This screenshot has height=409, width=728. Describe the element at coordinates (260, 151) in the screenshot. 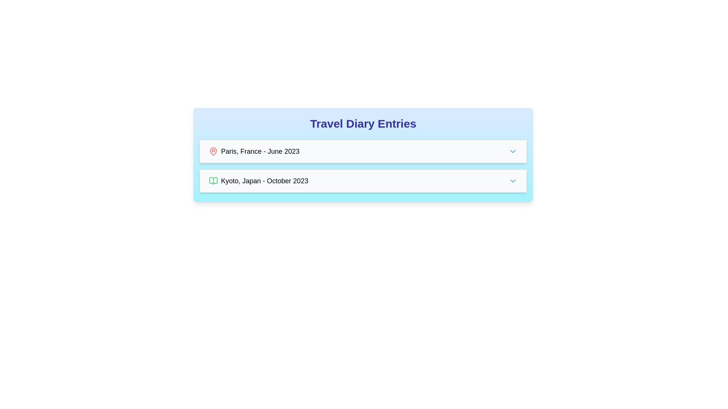

I see `the static text element displaying 'Paris, France - June 2023', which is positioned next to a red map pin icon` at that location.